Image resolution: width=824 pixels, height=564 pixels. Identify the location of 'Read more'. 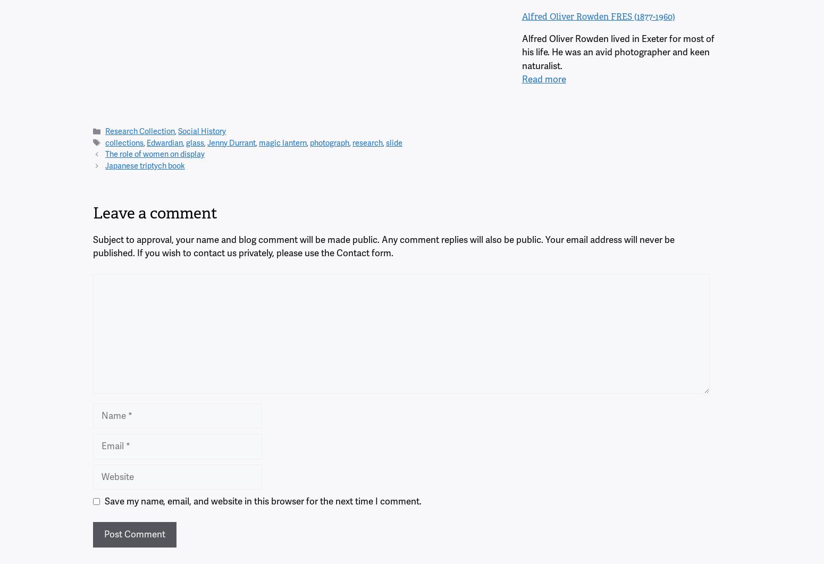
(543, 79).